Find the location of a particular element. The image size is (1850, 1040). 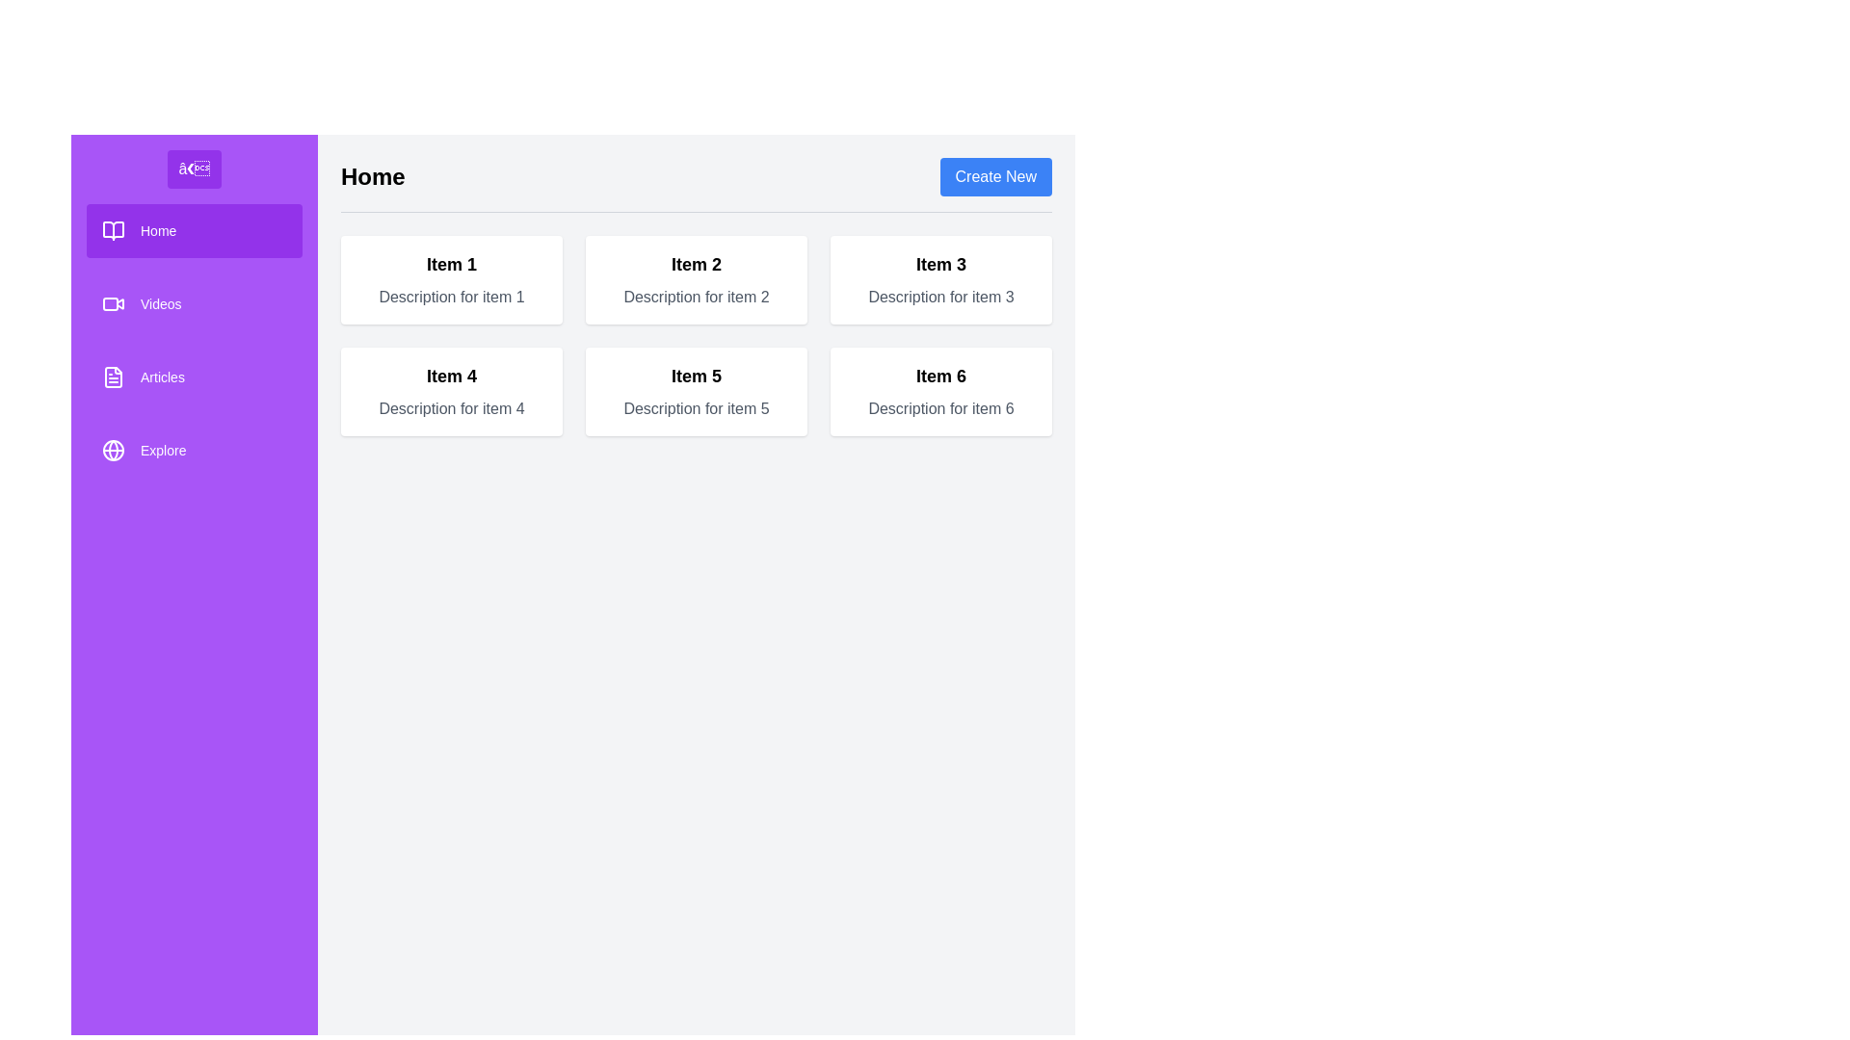

the 'Articles' navigation menu item, which is the third item in the vertical menu on the left sidebar is located at coordinates (194, 377).